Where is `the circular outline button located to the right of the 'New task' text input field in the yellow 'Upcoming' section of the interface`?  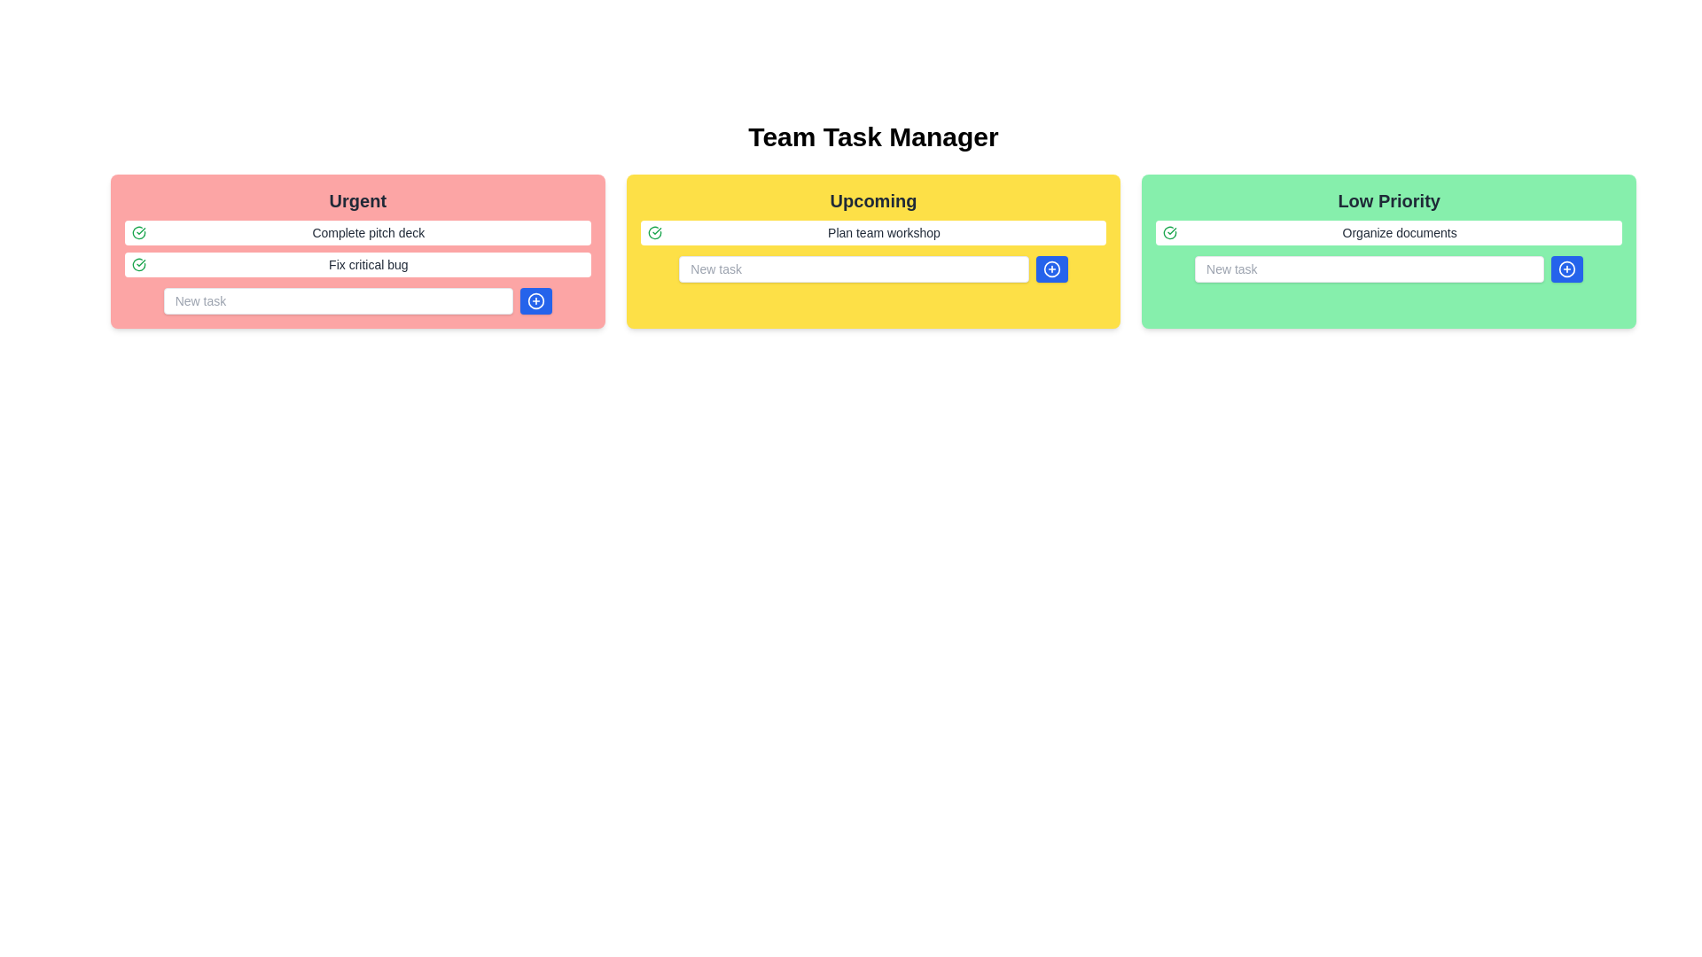
the circular outline button located to the right of the 'New task' text input field in the yellow 'Upcoming' section of the interface is located at coordinates (1051, 269).